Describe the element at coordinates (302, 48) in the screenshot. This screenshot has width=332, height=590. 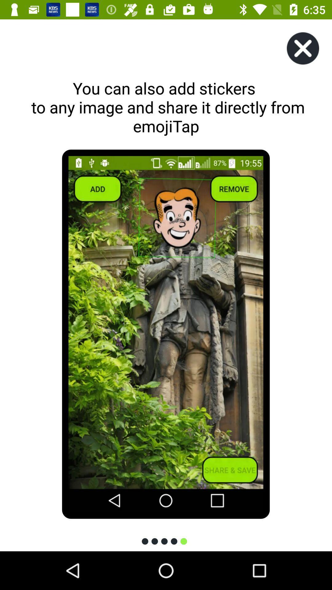
I see `icon above the you can also` at that location.